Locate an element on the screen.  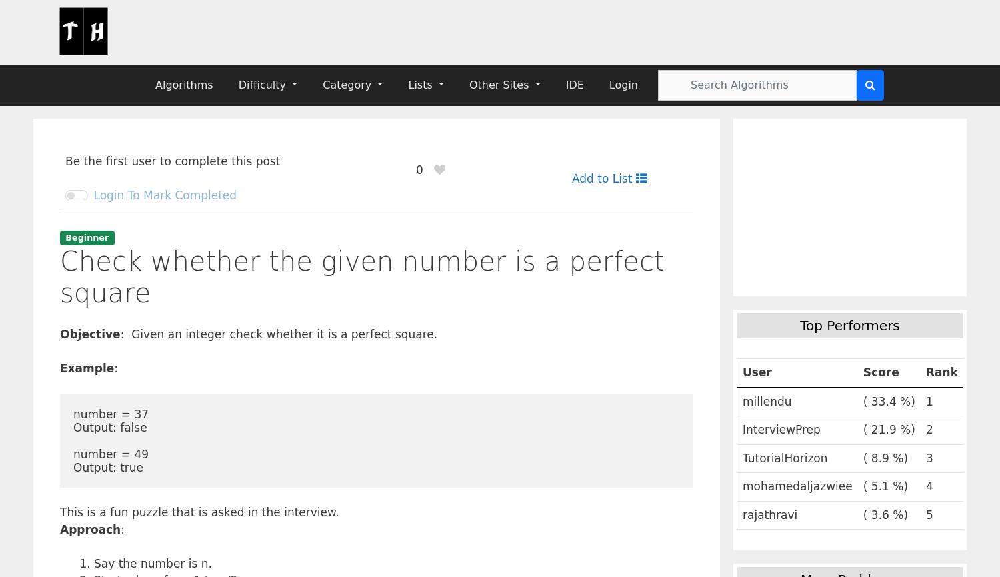
'140' is located at coordinates (886, 277).